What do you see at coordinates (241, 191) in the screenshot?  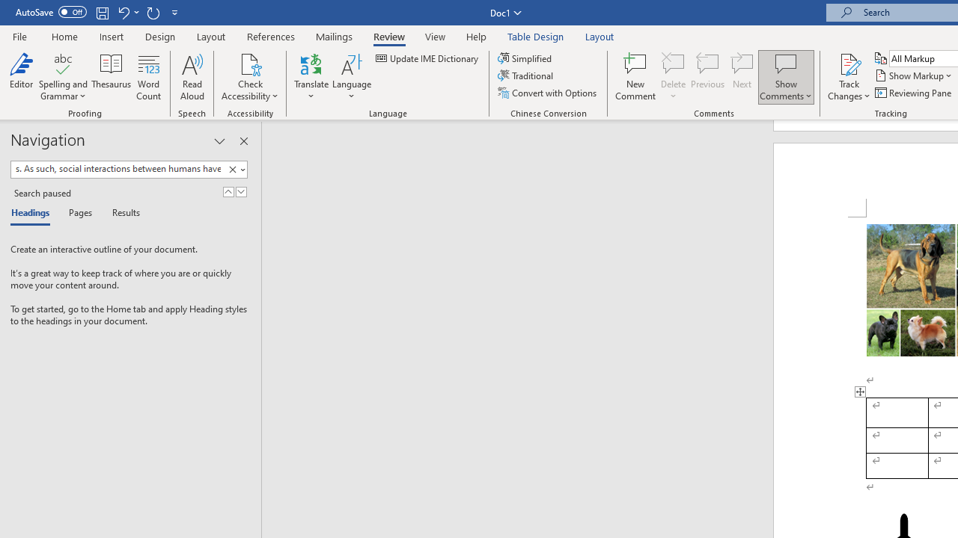 I see `'Next Result'` at bounding box center [241, 191].